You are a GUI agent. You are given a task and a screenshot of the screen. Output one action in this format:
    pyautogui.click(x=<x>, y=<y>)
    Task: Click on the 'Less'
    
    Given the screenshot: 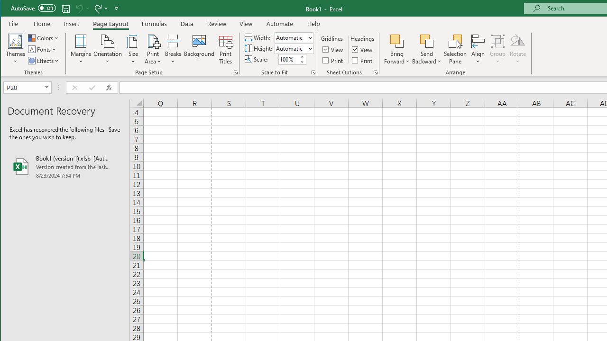 What is the action you would take?
    pyautogui.click(x=301, y=62)
    